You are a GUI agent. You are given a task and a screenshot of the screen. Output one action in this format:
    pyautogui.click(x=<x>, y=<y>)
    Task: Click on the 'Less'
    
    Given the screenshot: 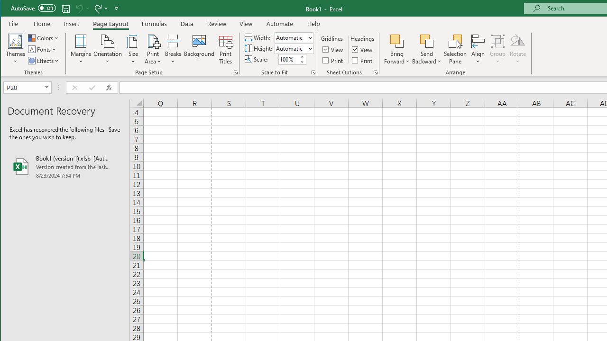 What is the action you would take?
    pyautogui.click(x=301, y=62)
    